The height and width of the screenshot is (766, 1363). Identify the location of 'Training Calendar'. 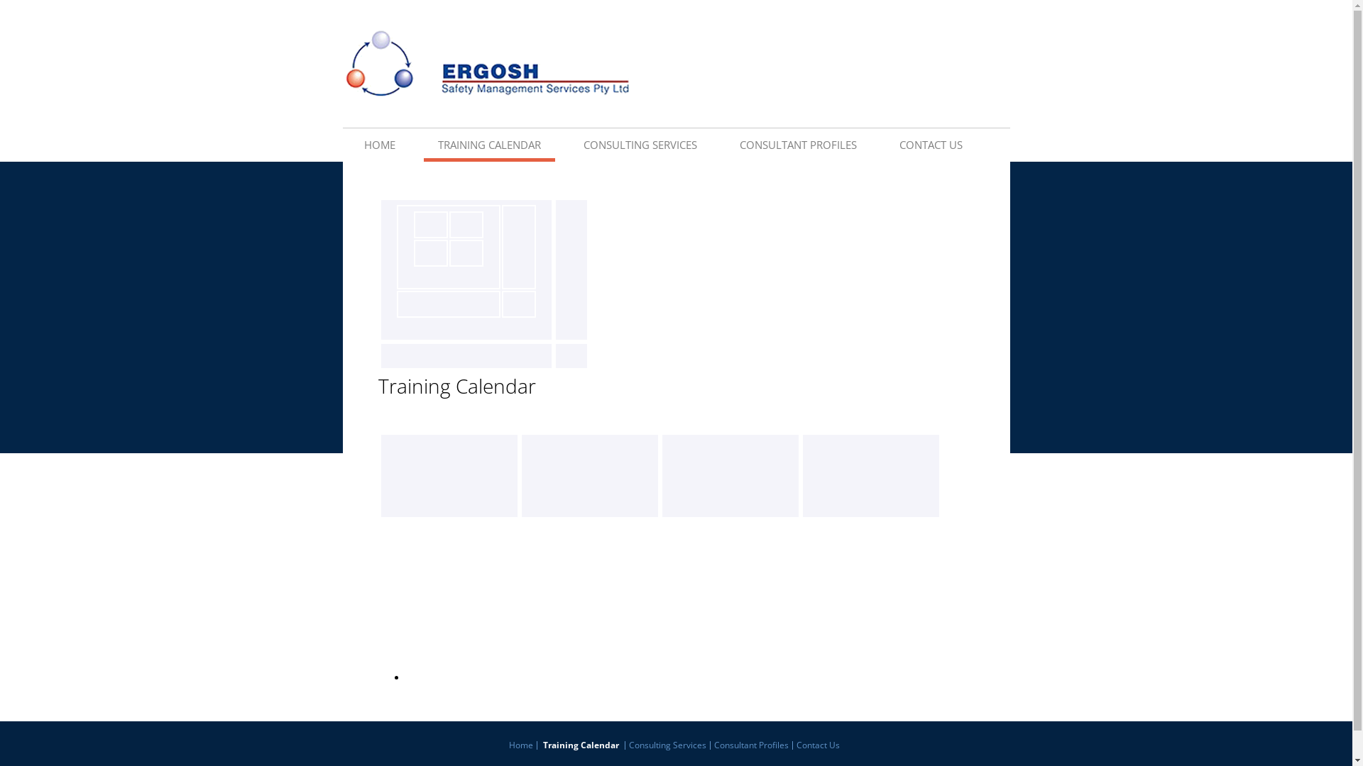
(581, 744).